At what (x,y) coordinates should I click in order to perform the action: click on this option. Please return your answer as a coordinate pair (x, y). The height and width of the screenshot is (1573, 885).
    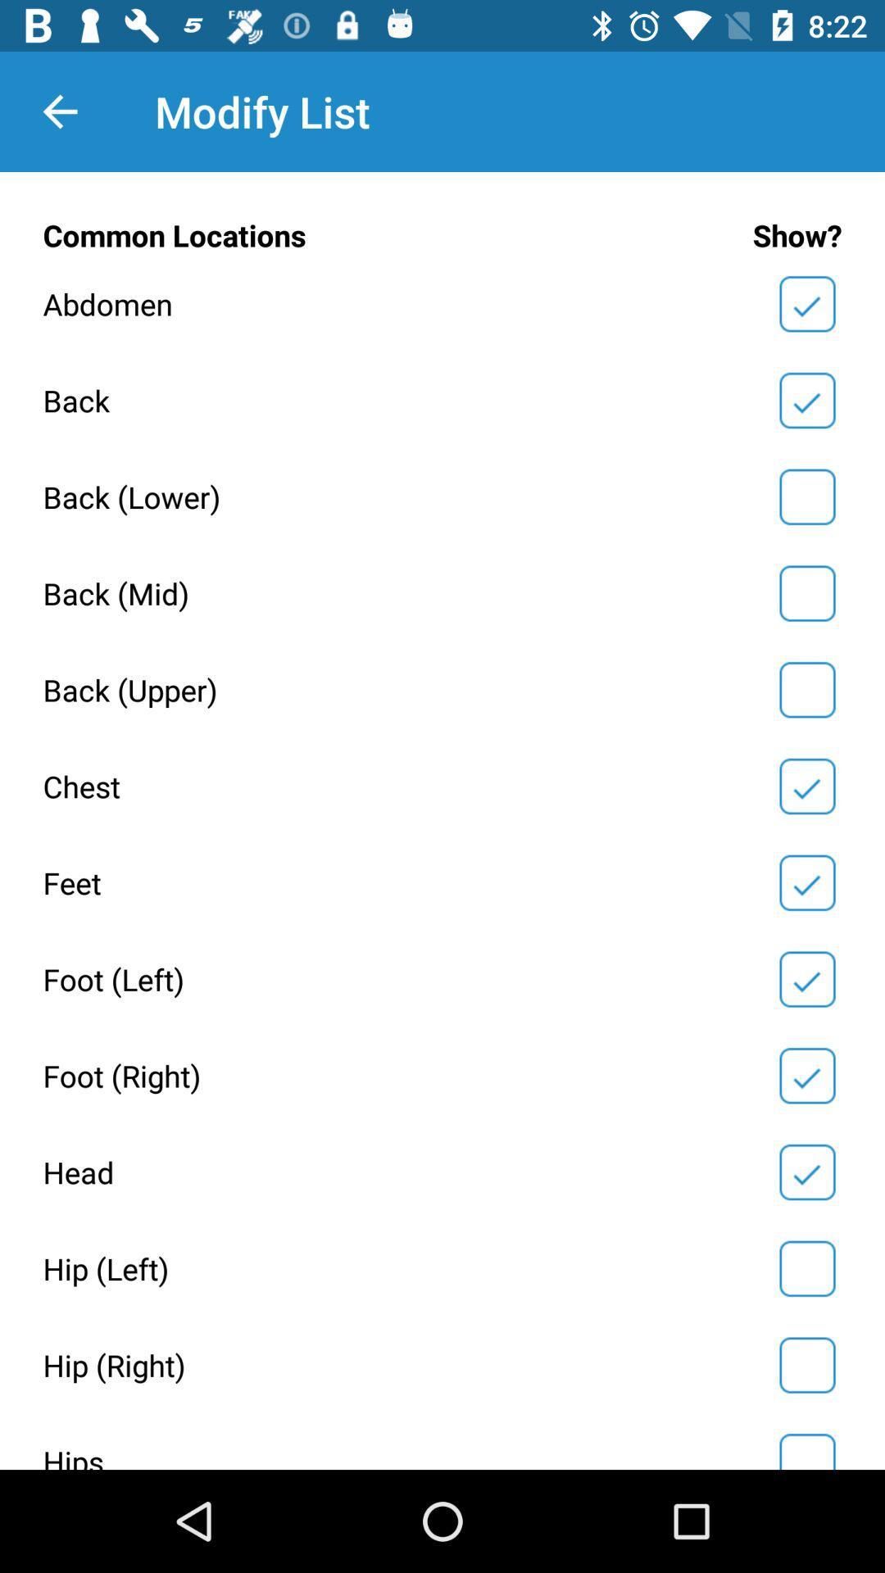
    Looking at the image, I should click on (806, 690).